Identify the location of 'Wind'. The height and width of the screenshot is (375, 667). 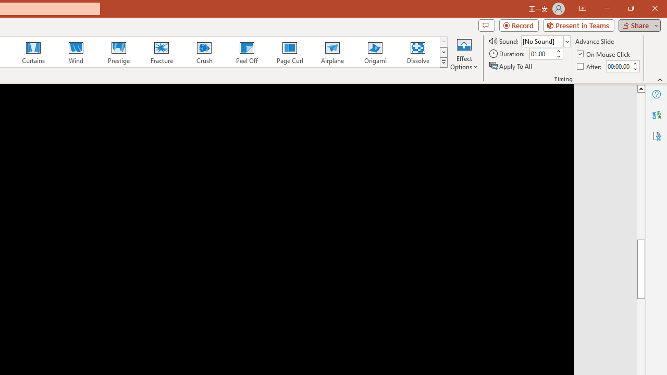
(75, 52).